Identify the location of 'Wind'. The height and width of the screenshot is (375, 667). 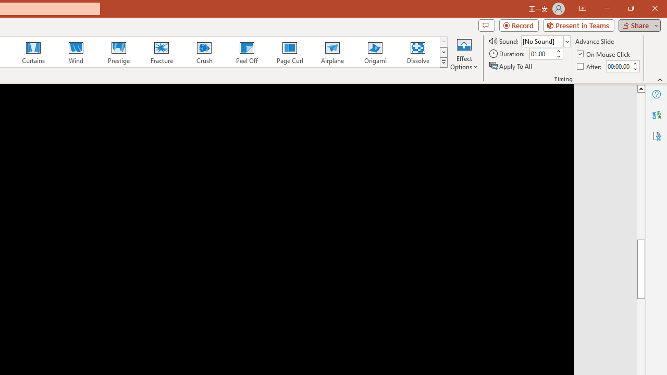
(75, 52).